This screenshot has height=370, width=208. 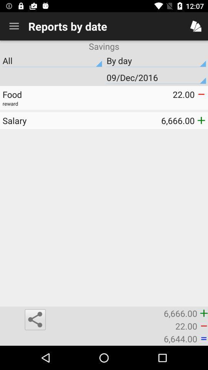 I want to click on item to the left of 6,666.00 item, so click(x=35, y=320).